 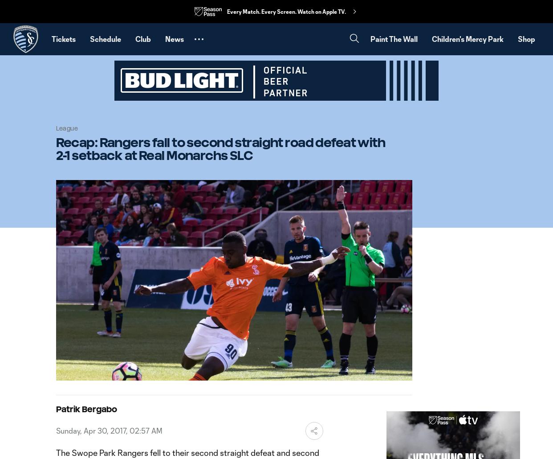 I want to click on 'Every Match. Every Screen. Watch on Apple TV.', so click(x=226, y=11).